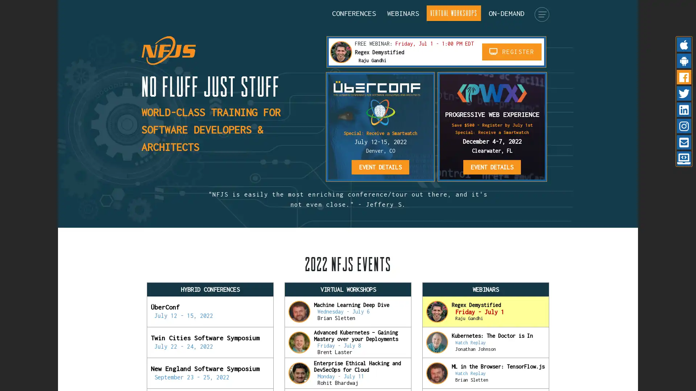 The image size is (696, 391). Describe the element at coordinates (542, 14) in the screenshot. I see `menu` at that location.